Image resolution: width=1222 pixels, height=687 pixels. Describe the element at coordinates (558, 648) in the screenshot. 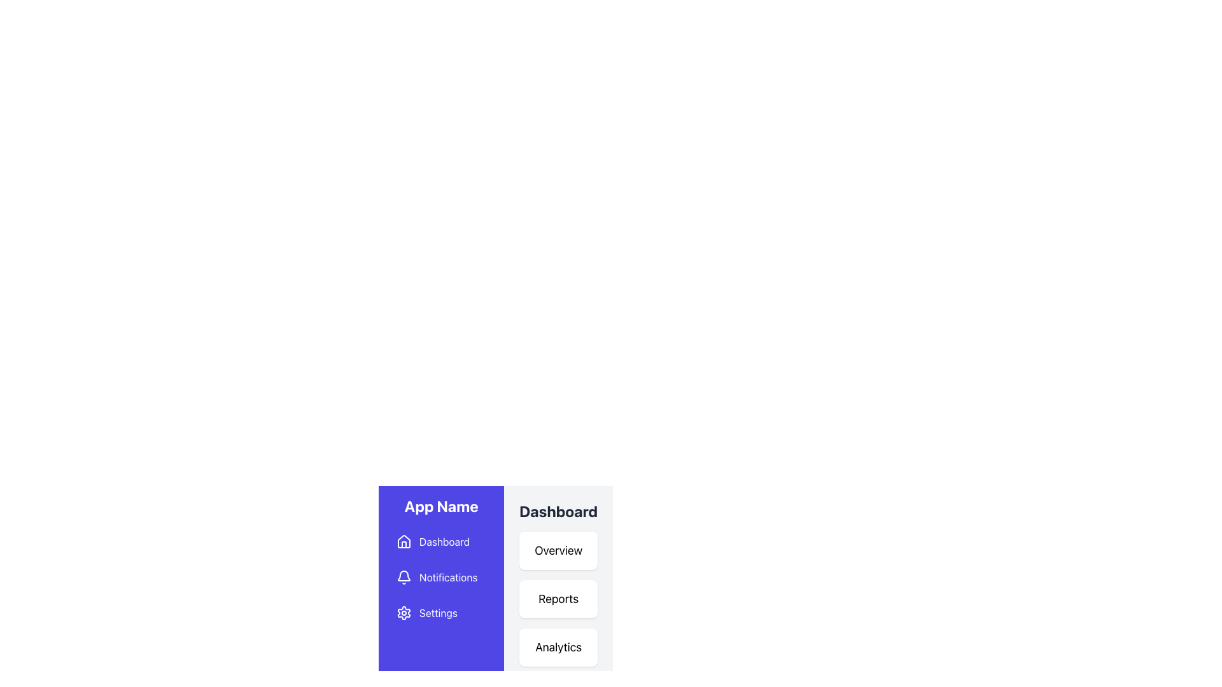

I see `the third button in the 'Dashboard' section, which navigates to the 'Analytics' section` at that location.